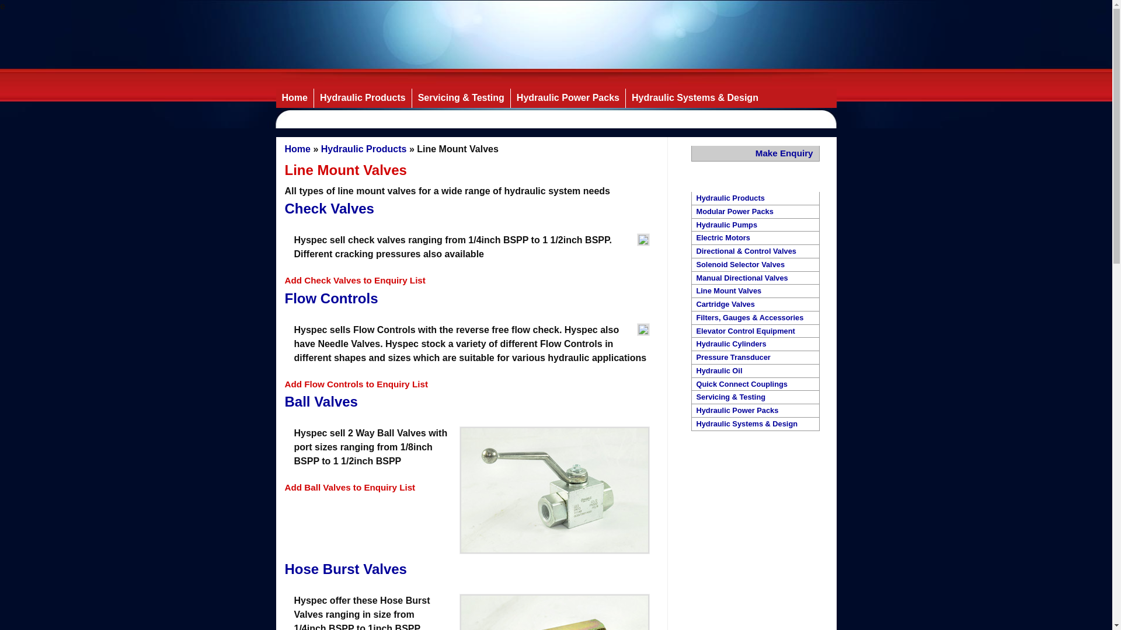 This screenshot has width=1121, height=630. I want to click on 'Make Enquiry', so click(756, 153).